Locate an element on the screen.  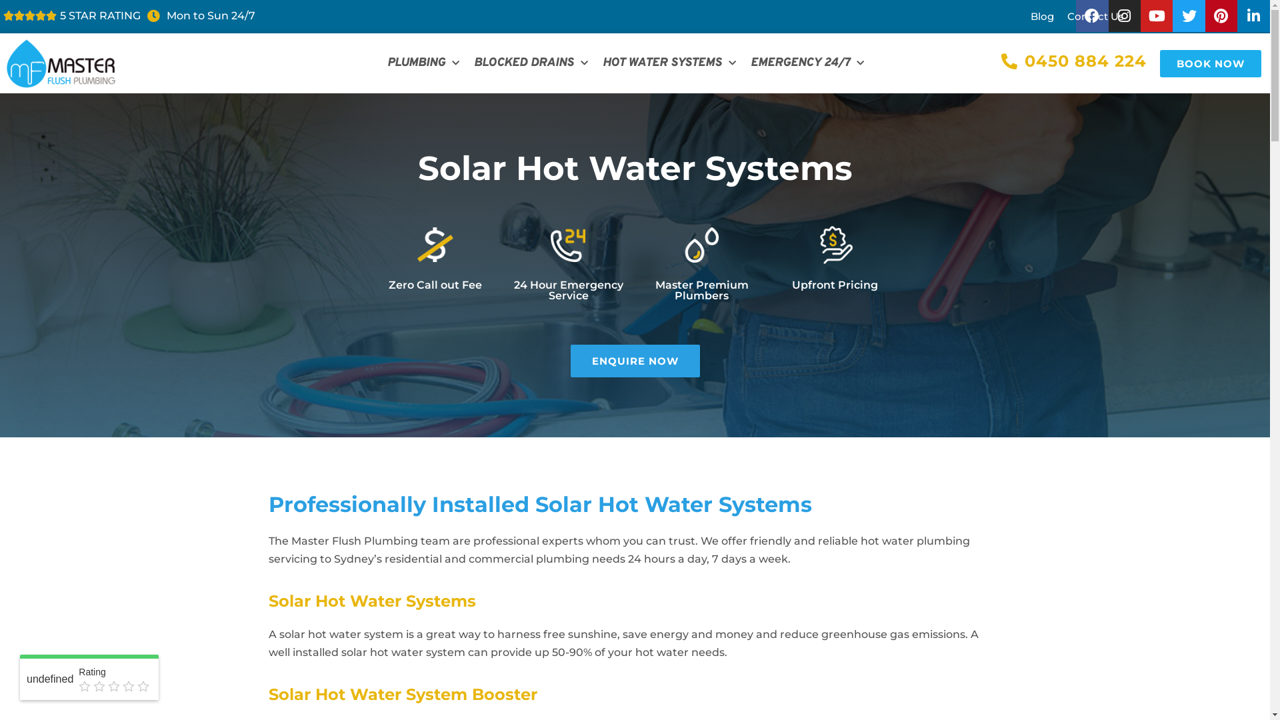
'EMERGENCY 24/7' is located at coordinates (806, 63).